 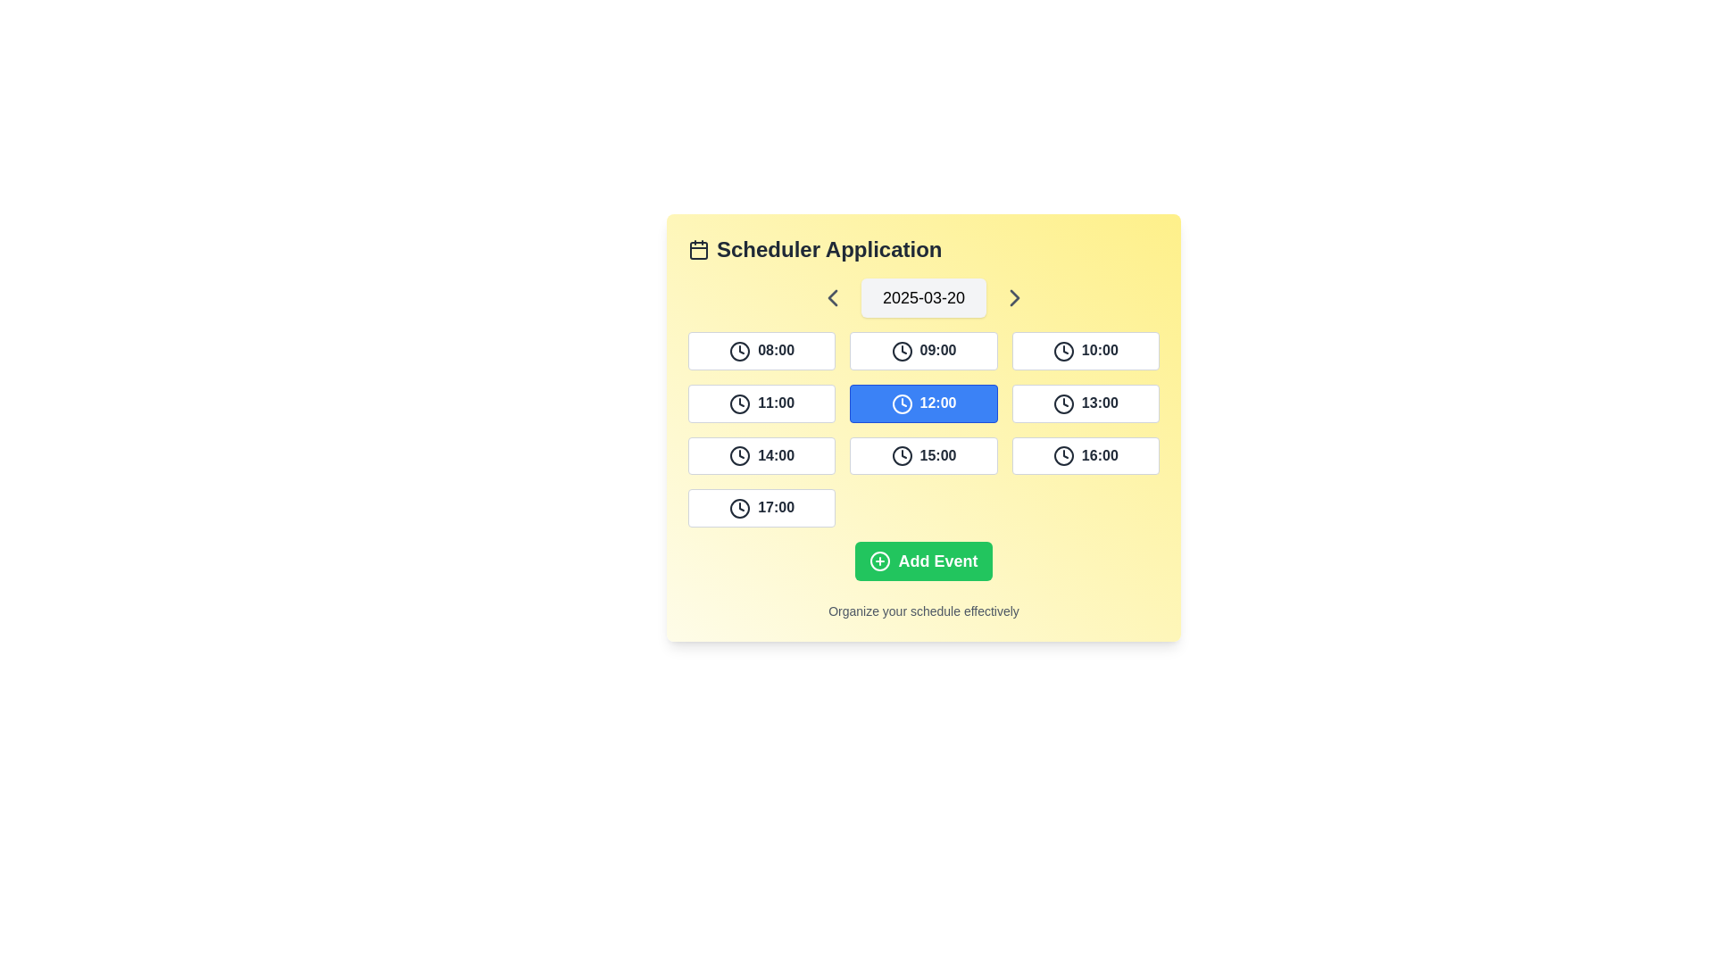 What do you see at coordinates (902, 403) in the screenshot?
I see `the clock icon, which is styled in a minimal fashion with a circular outline and clock hands indicating 12 o'clock, located within the button labeled '12:00' in the time slots grid` at bounding box center [902, 403].